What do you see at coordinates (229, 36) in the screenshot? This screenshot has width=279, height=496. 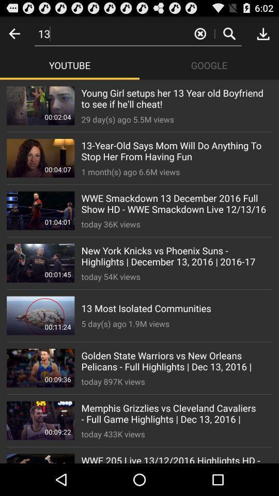 I see `the search icon` at bounding box center [229, 36].